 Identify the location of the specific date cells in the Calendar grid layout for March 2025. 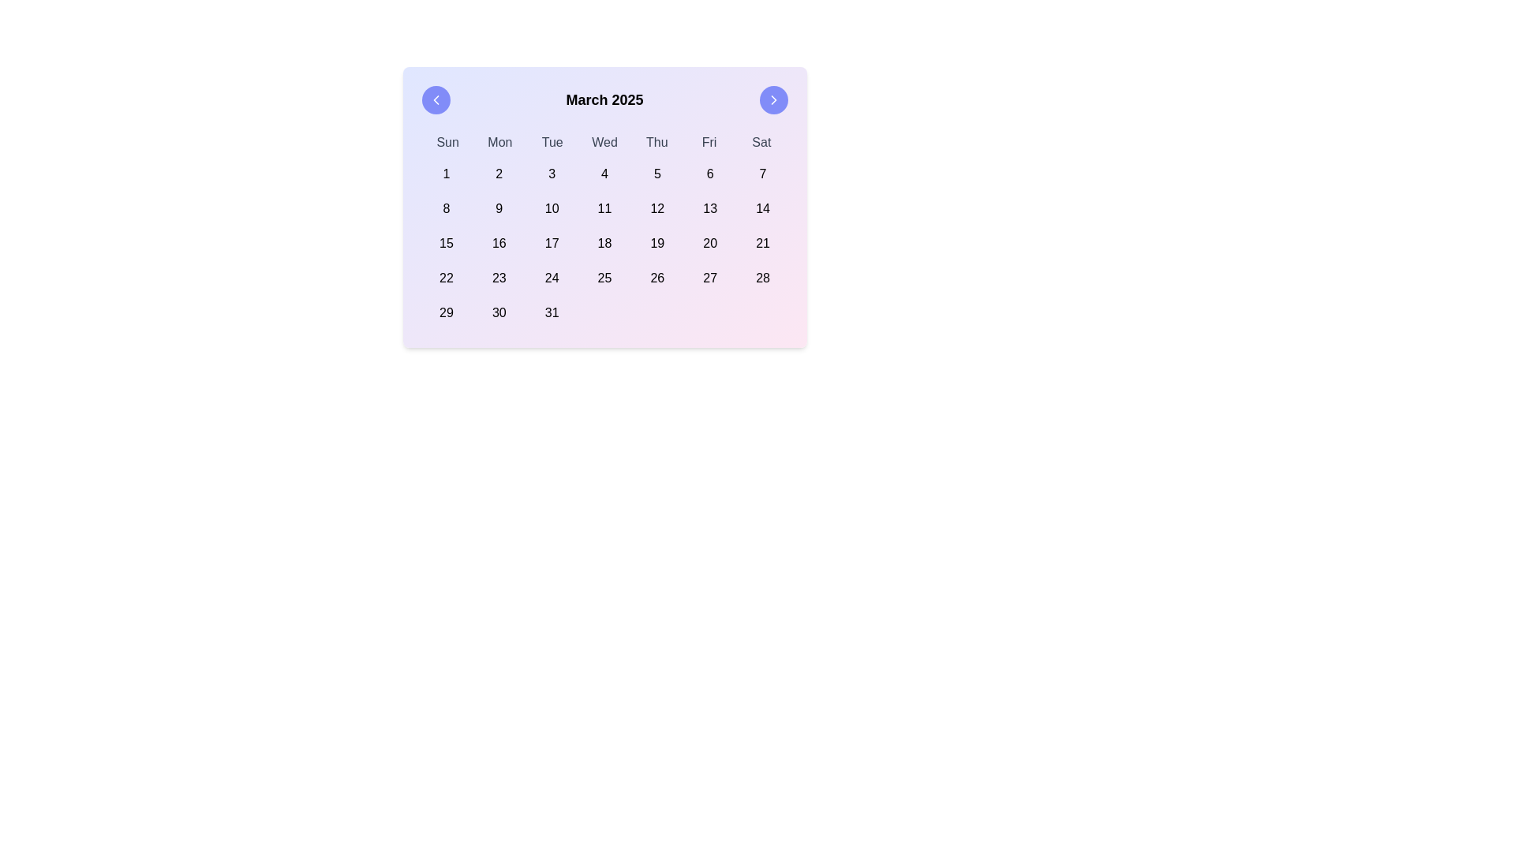
(604, 243).